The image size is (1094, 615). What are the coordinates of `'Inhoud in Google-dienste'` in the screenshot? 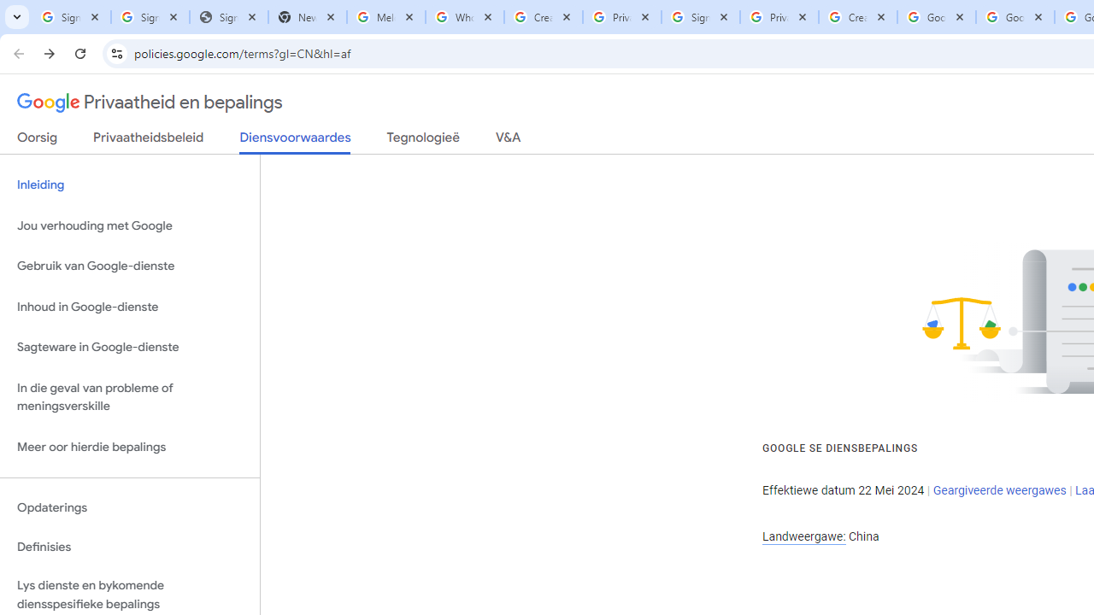 It's located at (129, 306).